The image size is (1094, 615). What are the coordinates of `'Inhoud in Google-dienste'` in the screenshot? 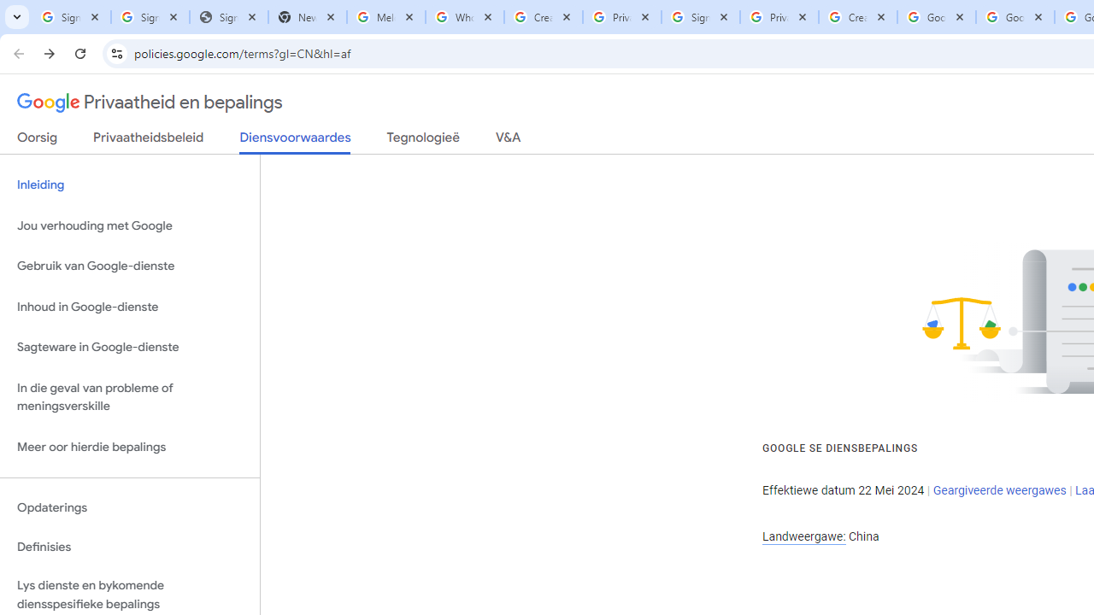 It's located at (129, 306).